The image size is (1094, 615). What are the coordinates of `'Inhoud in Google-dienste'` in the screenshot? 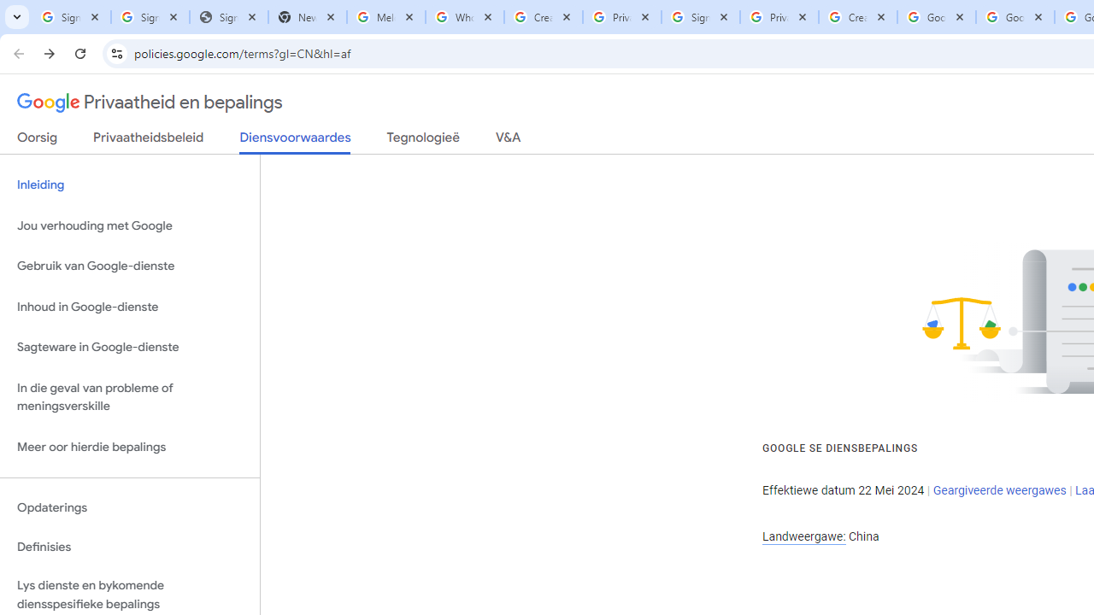 It's located at (129, 306).